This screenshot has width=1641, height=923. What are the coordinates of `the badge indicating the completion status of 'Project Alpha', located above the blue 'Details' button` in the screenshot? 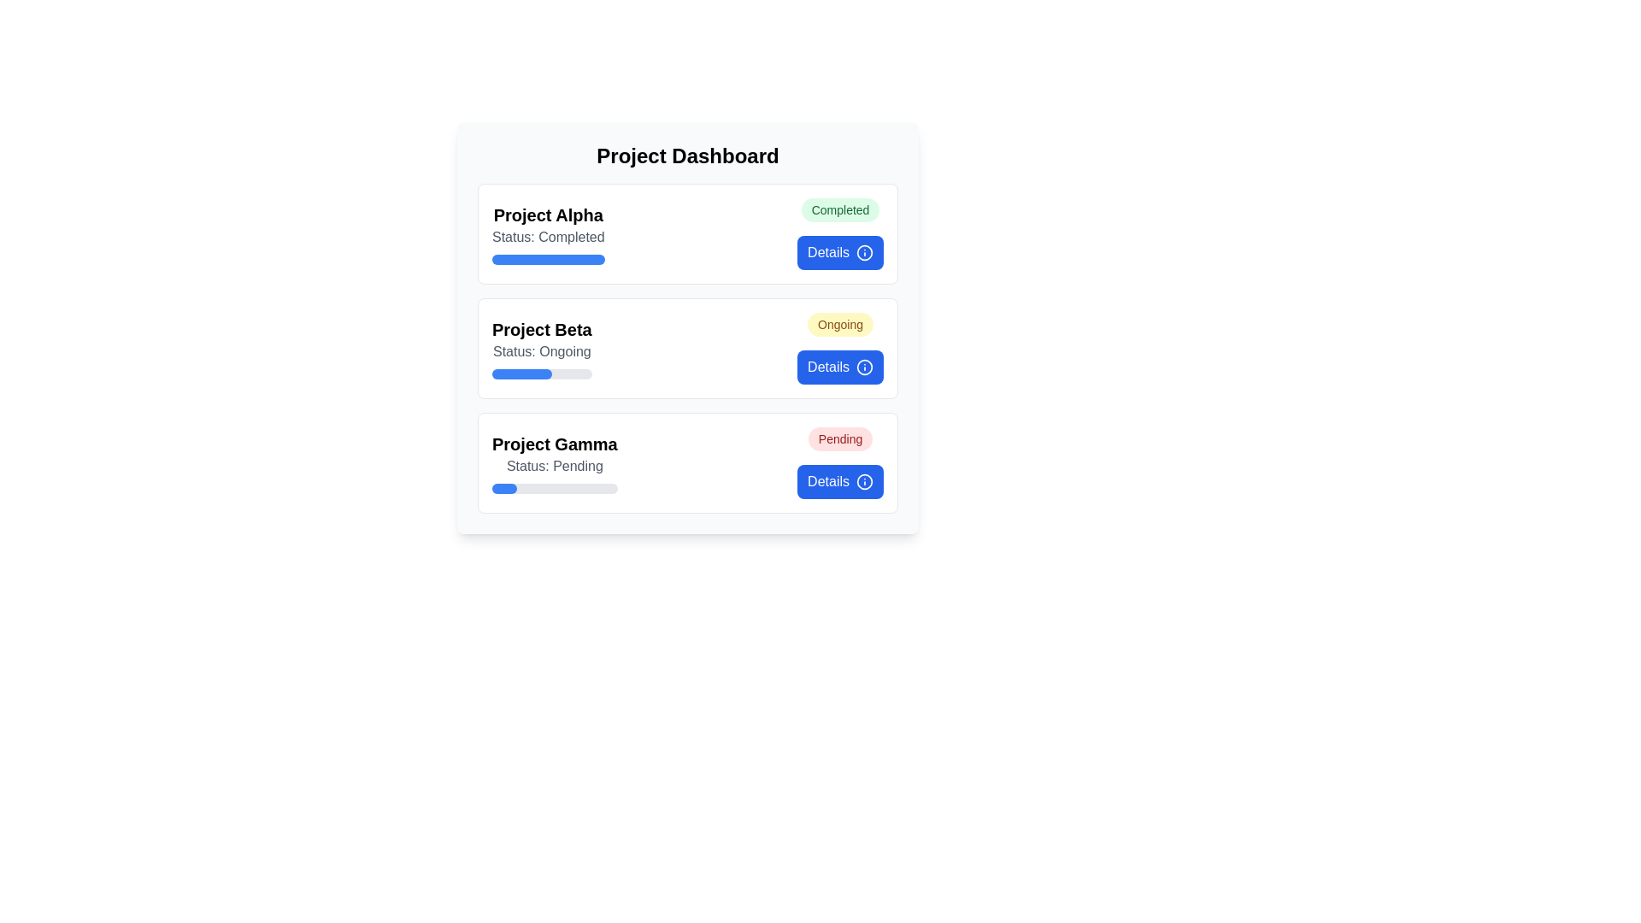 It's located at (840, 209).